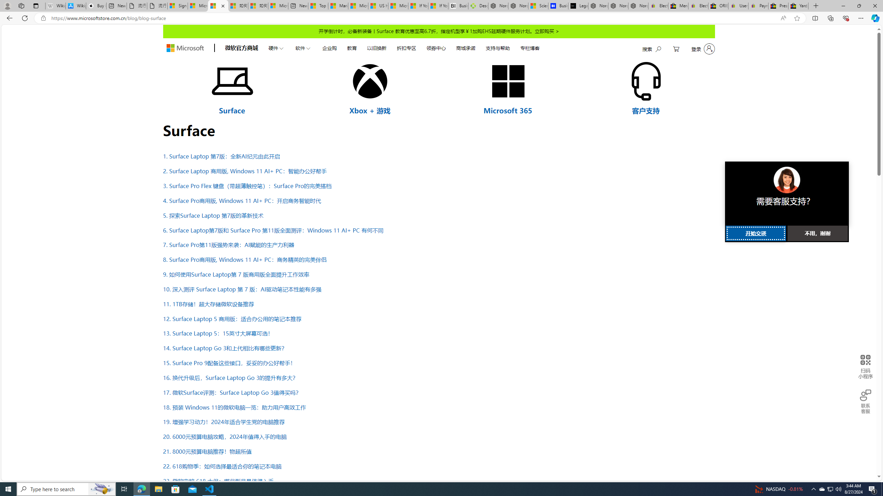  I want to click on 'Buy iPad - Apple', so click(96, 6).